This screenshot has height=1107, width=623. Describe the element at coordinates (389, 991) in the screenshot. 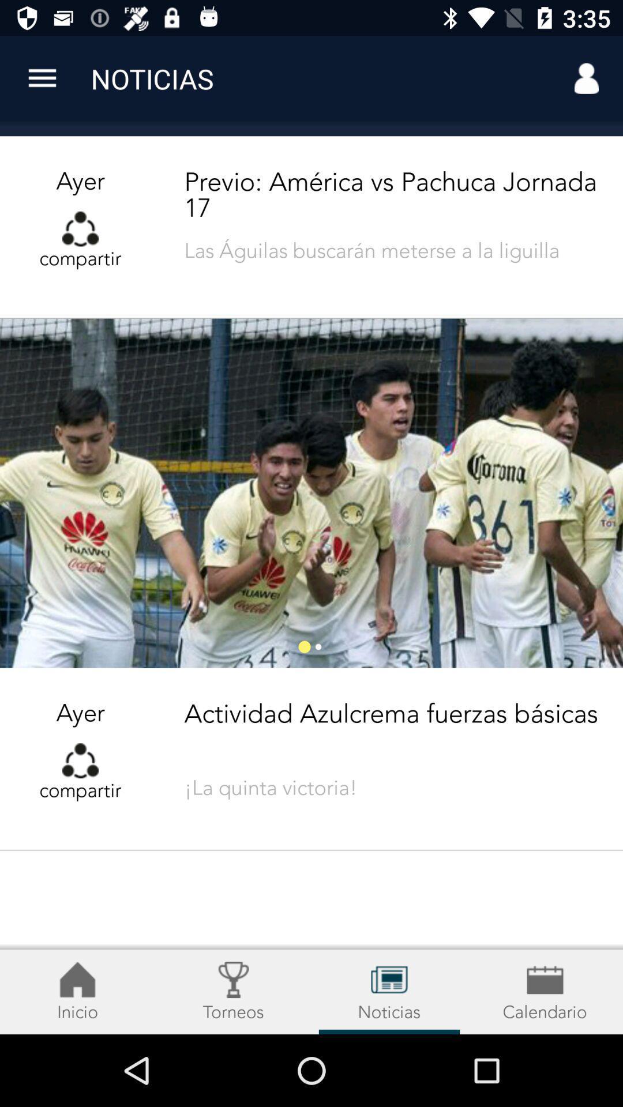

I see `the date_range icon` at that location.